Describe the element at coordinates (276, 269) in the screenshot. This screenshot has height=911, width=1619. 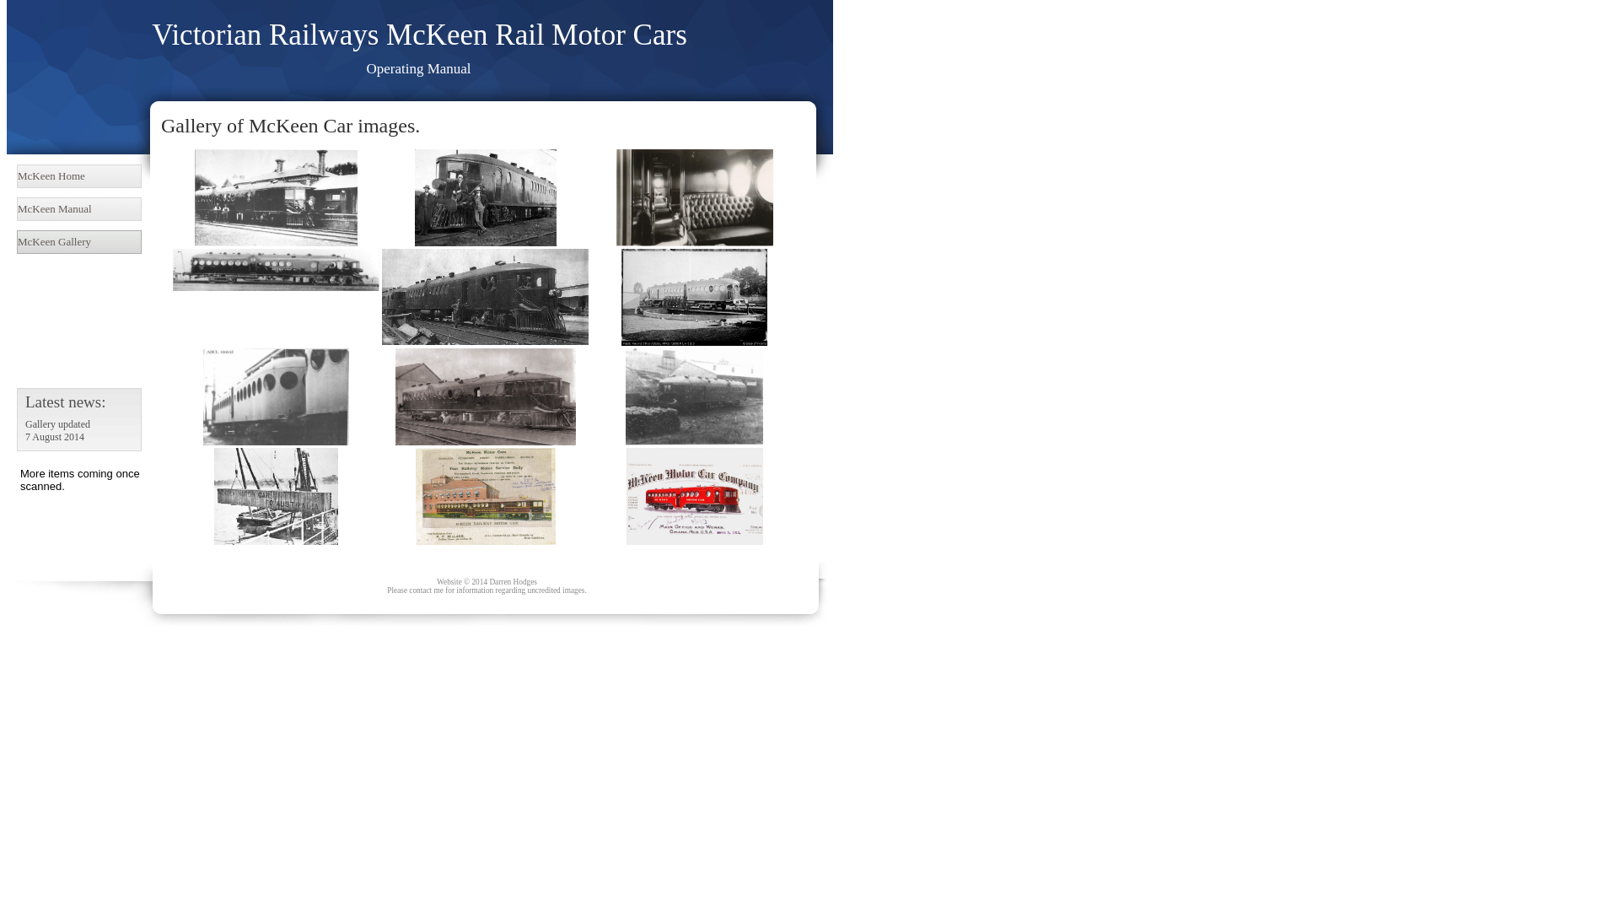
I see `'Side view of No. 2'` at that location.